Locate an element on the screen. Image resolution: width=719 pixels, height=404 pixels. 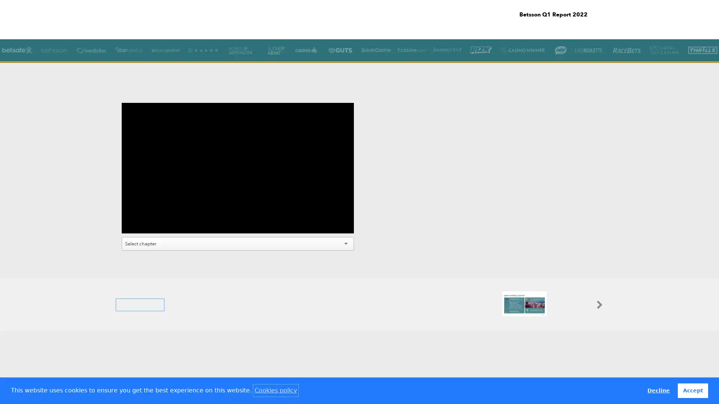
Settings is located at coordinates (330, 221).